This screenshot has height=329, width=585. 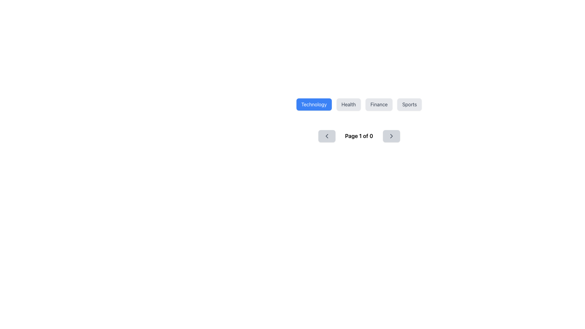 I want to click on the text indicator displaying 'Page 1 of 0', which is centrally located below the four buttons labeled 'Technology', 'Health', 'Finance', and 'Sports', so click(x=359, y=136).